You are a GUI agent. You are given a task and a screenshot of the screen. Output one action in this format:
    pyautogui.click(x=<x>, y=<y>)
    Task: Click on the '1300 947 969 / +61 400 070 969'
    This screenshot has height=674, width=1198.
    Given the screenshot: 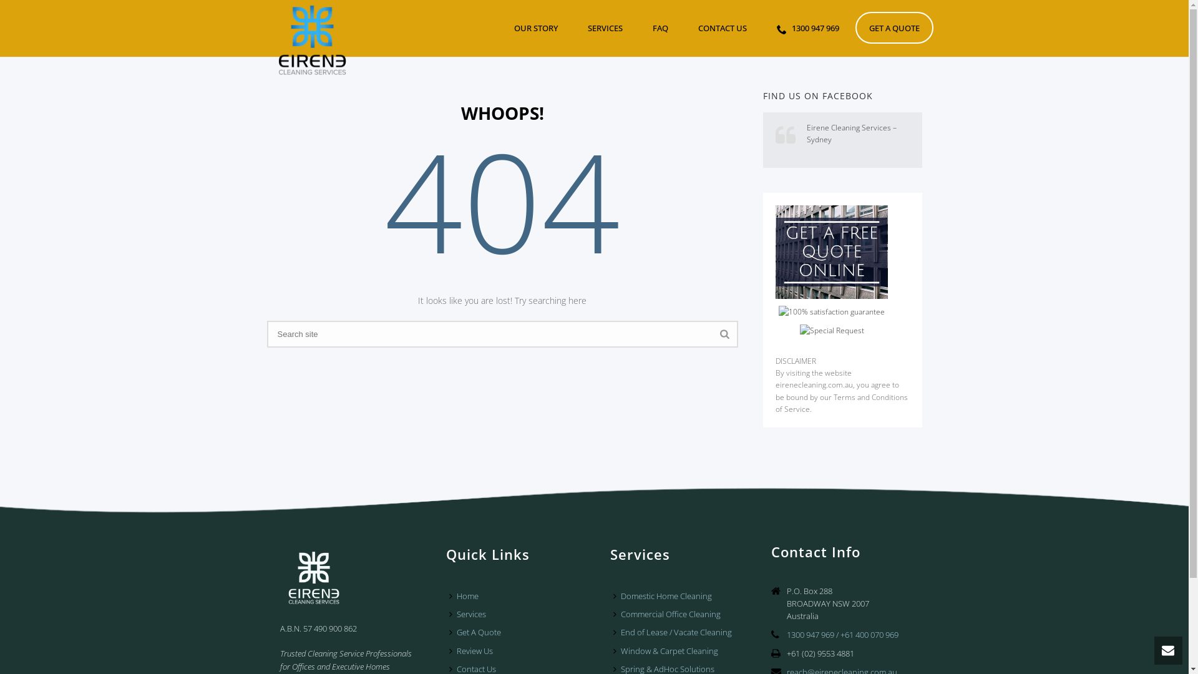 What is the action you would take?
    pyautogui.click(x=842, y=635)
    